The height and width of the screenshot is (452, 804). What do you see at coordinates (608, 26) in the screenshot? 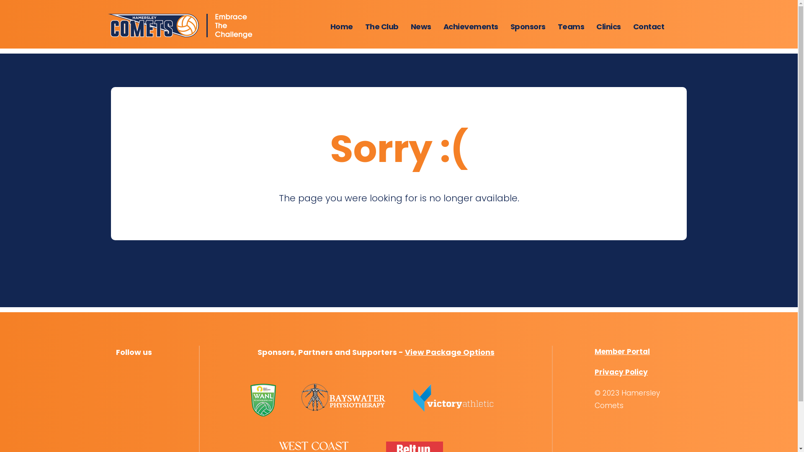
I see `'Clinics'` at bounding box center [608, 26].